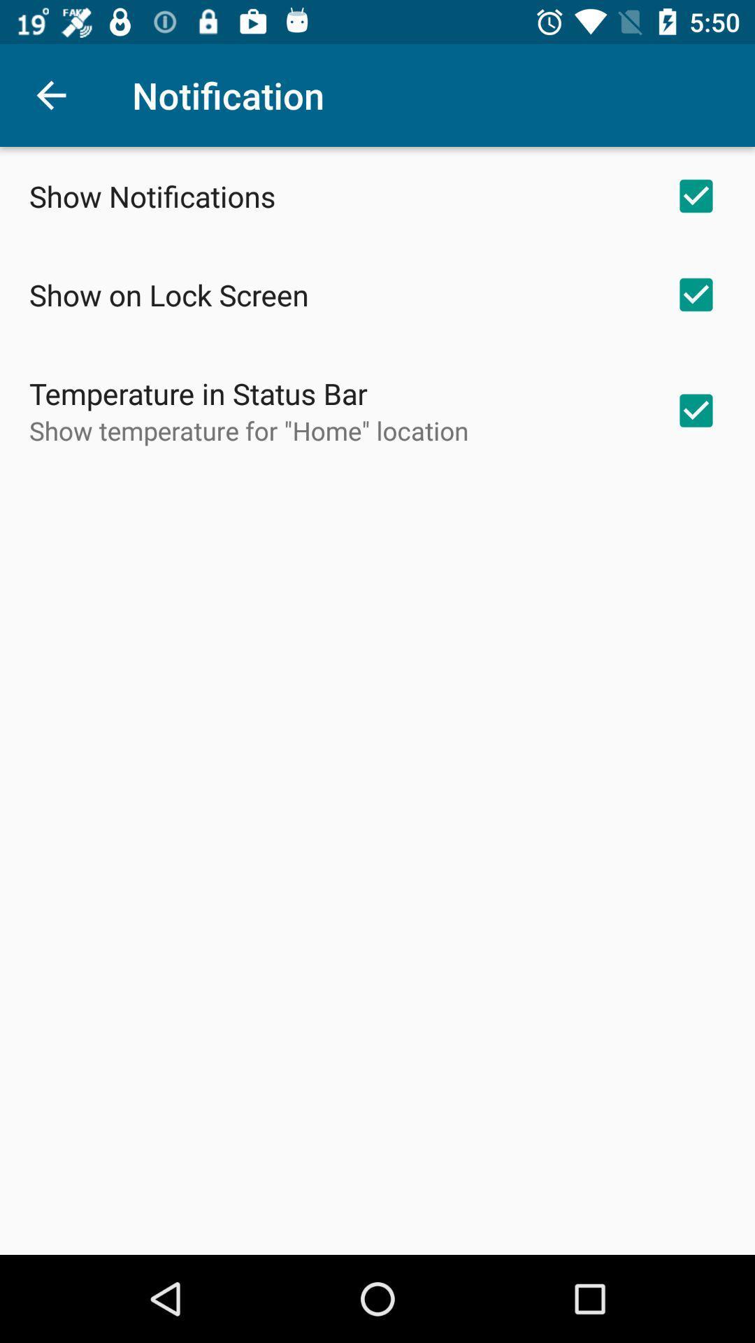 The height and width of the screenshot is (1343, 755). I want to click on icon next to the notification item, so click(50, 94).